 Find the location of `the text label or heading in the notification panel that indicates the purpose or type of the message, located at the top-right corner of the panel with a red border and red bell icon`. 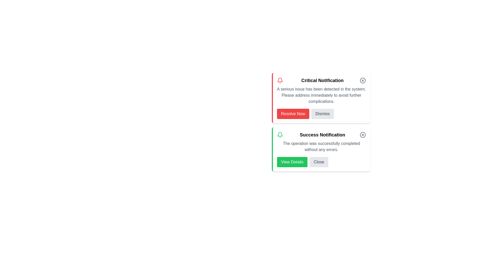

the text label or heading in the notification panel that indicates the purpose or type of the message, located at the top-right corner of the panel with a red border and red bell icon is located at coordinates (322, 80).